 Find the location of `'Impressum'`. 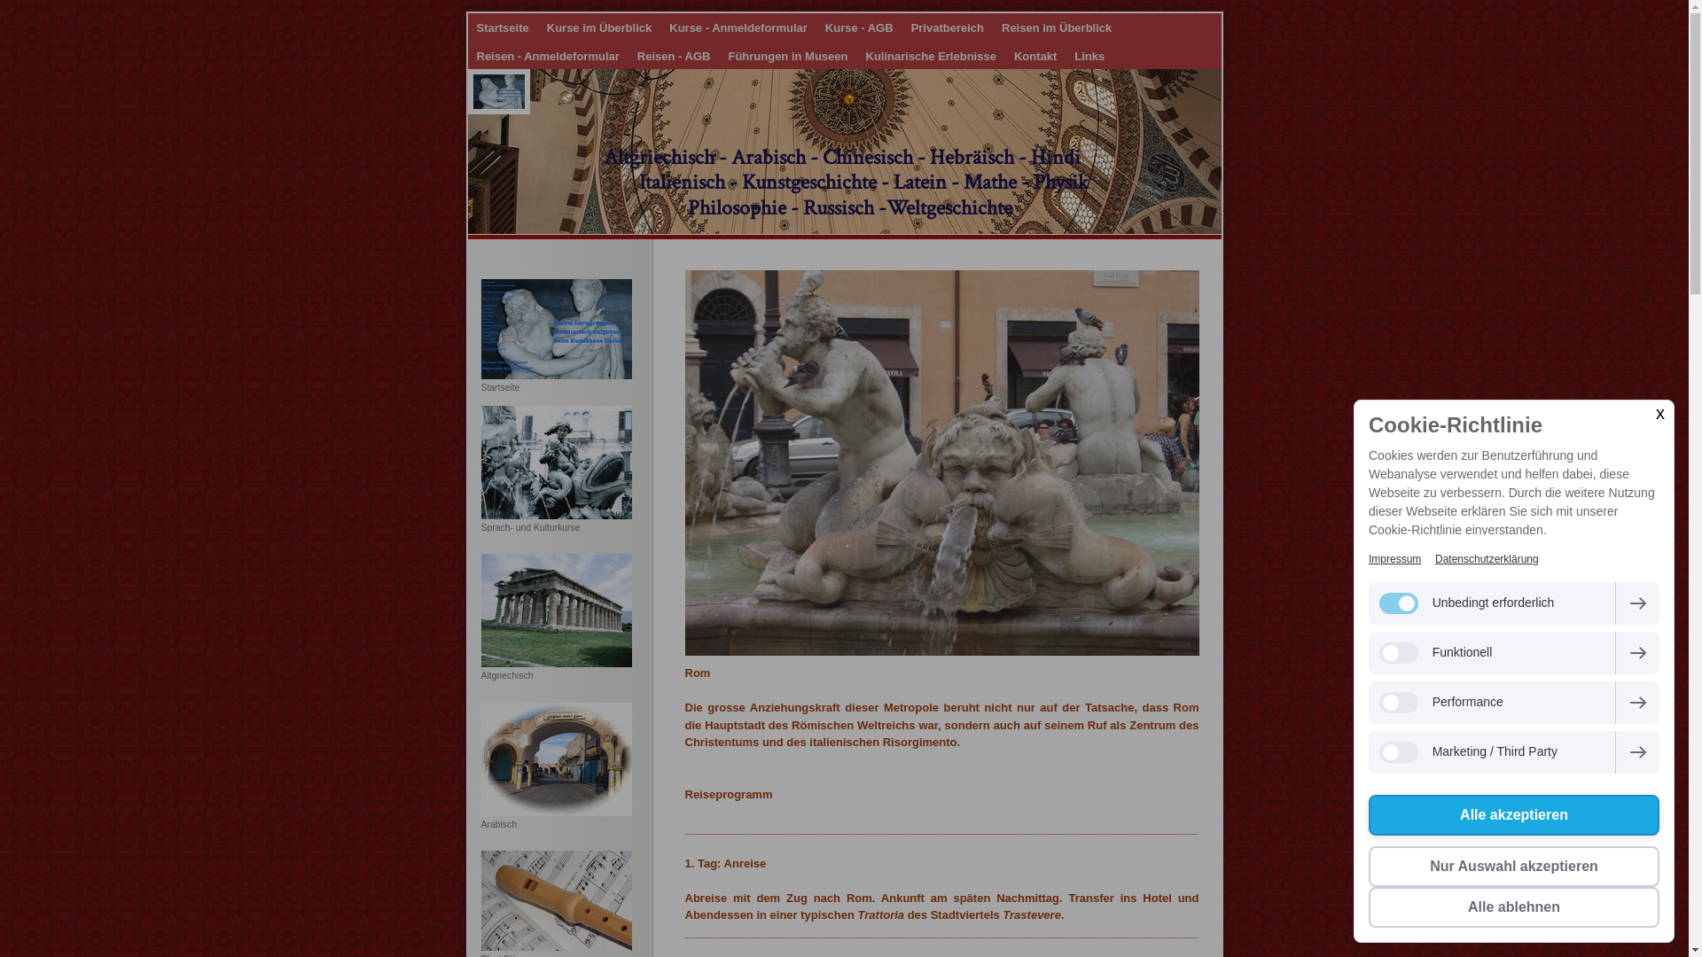

'Impressum' is located at coordinates (1368, 559).